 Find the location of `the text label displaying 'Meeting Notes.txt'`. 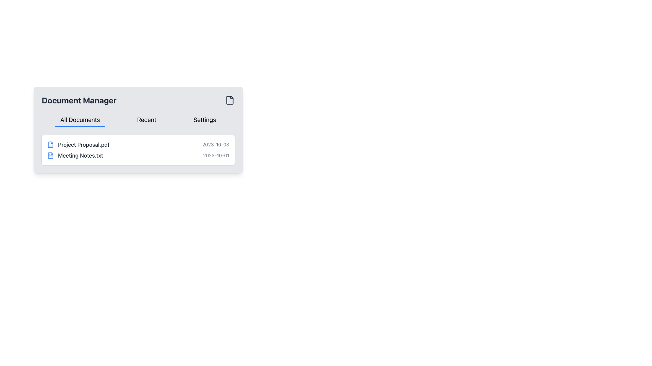

the text label displaying 'Meeting Notes.txt' is located at coordinates (80, 156).